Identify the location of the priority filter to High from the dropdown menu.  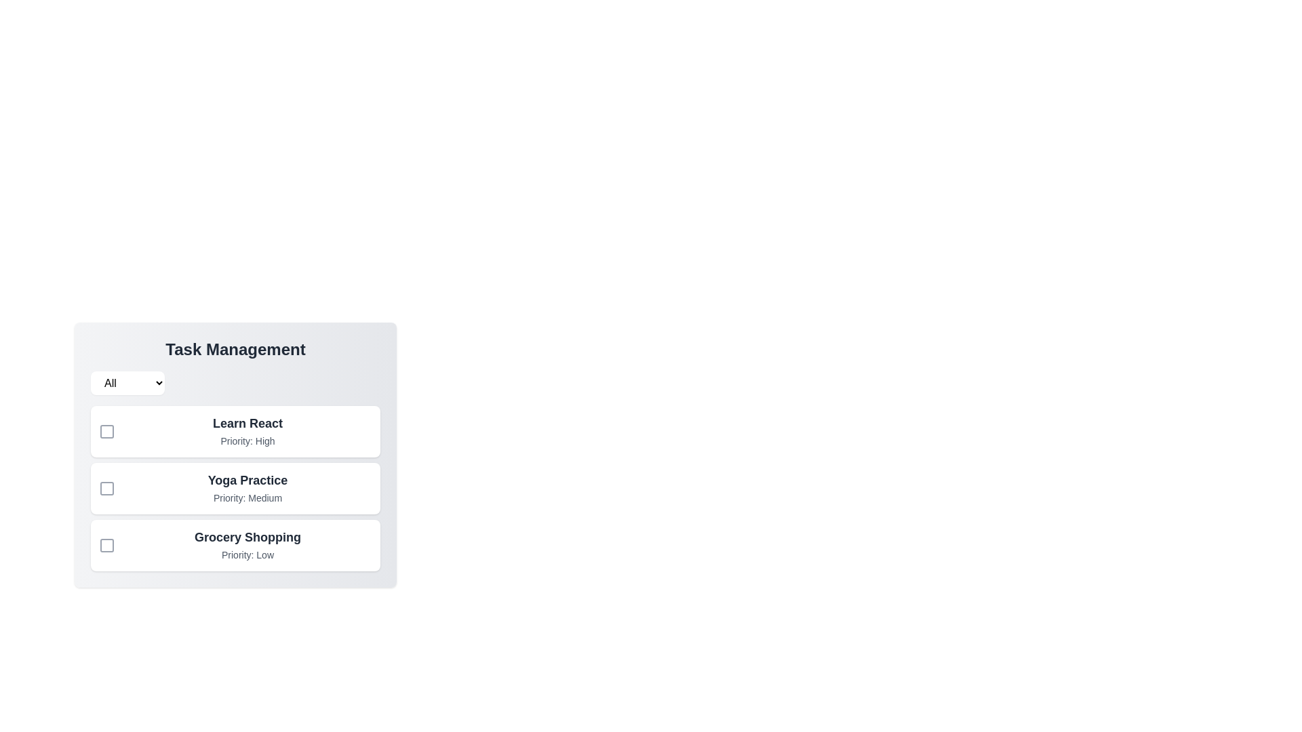
(127, 383).